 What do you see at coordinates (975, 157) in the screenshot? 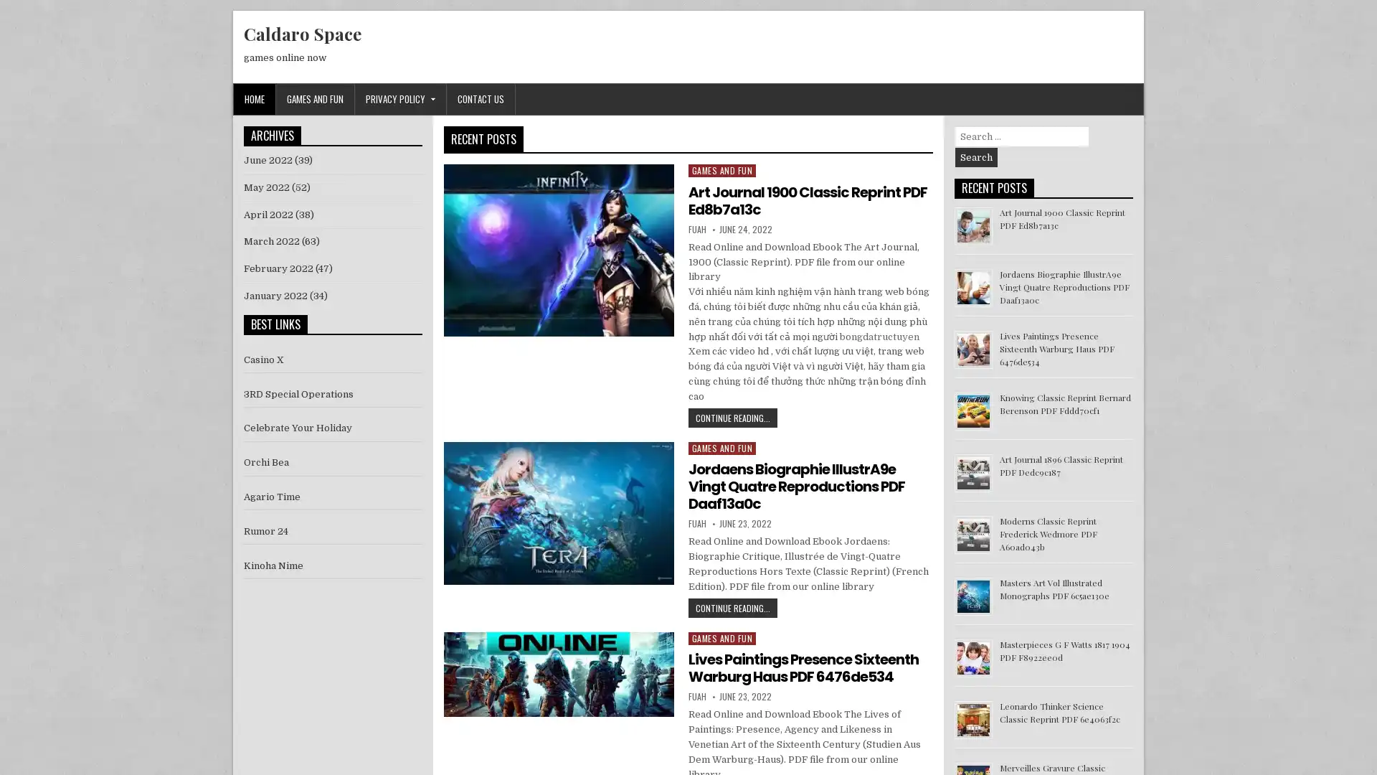
I see `Search` at bounding box center [975, 157].